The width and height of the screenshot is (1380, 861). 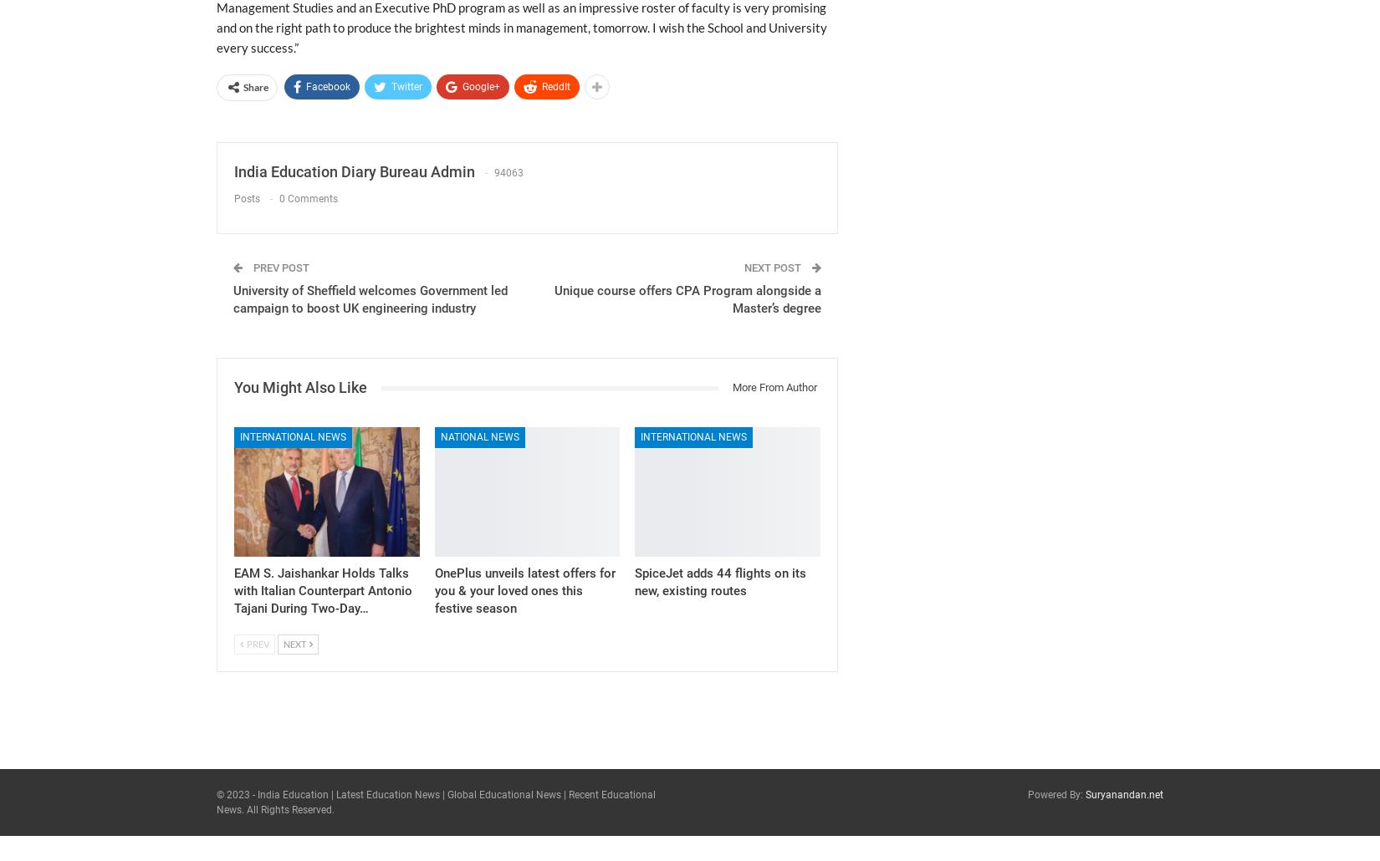 What do you see at coordinates (328, 86) in the screenshot?
I see `'Facebook'` at bounding box center [328, 86].